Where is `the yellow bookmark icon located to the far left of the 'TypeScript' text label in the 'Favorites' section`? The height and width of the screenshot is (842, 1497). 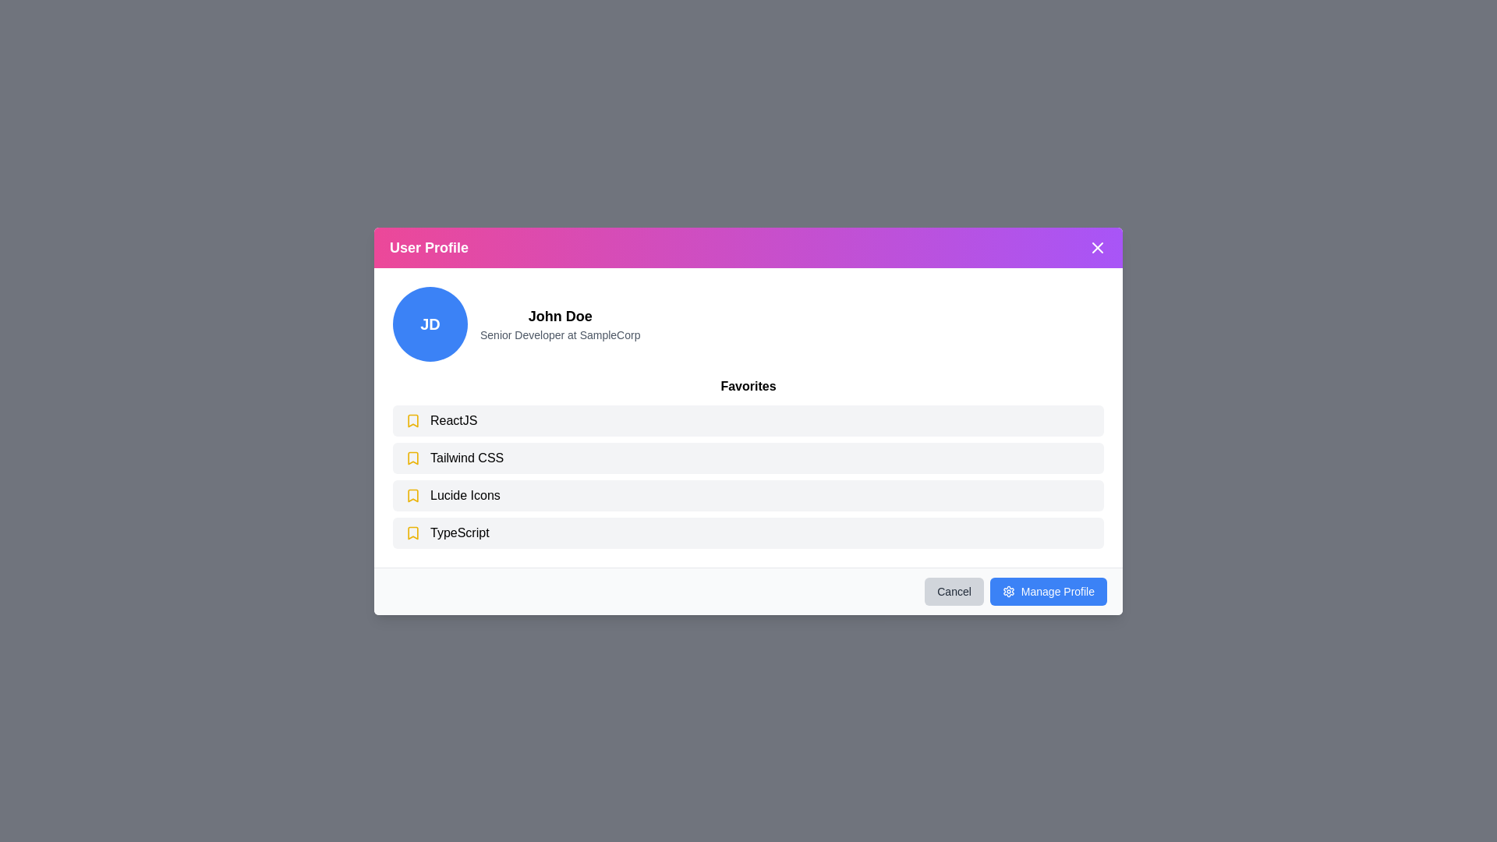
the yellow bookmark icon located to the far left of the 'TypeScript' text label in the 'Favorites' section is located at coordinates (412, 531).